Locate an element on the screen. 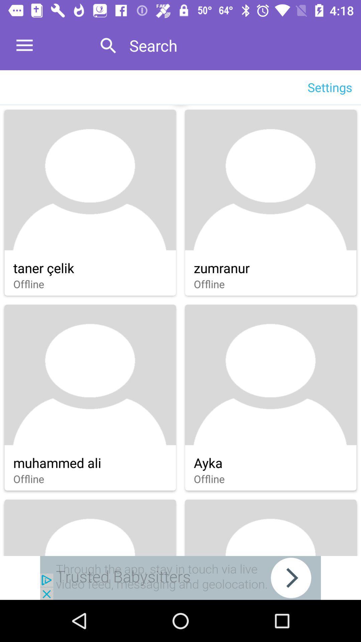 This screenshot has height=642, width=361. search bar is located at coordinates (238, 45).